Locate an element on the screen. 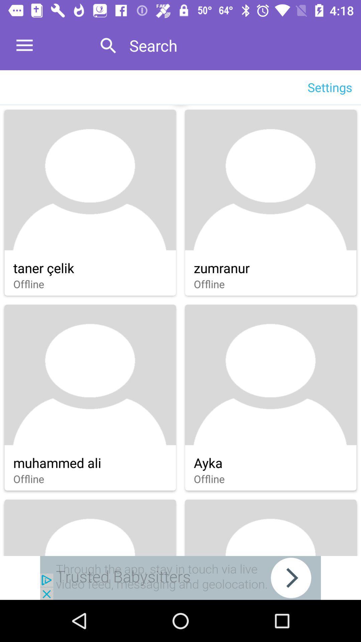 This screenshot has height=642, width=361. search bar is located at coordinates (238, 45).